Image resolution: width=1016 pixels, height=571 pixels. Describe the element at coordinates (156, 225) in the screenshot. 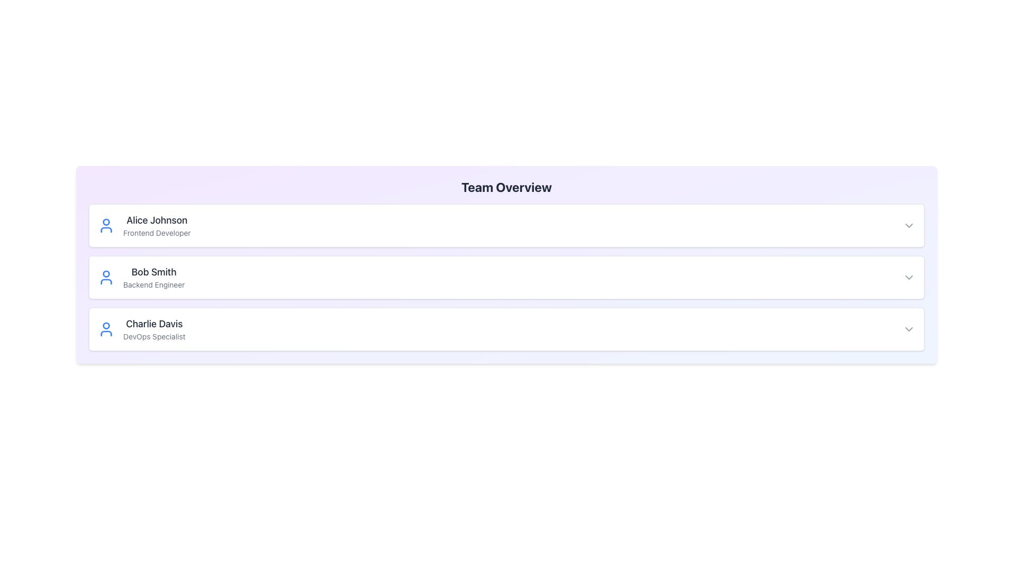

I see `the text element displaying the user's name and job title, located in the upper part of a vertical list, next to the user avatar icon` at that location.